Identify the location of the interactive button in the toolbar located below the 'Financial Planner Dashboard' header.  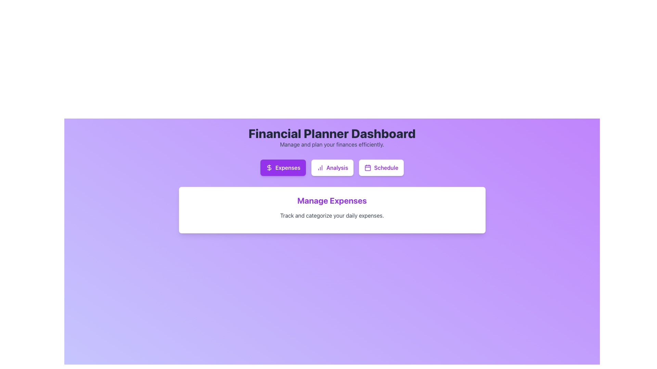
(332, 167).